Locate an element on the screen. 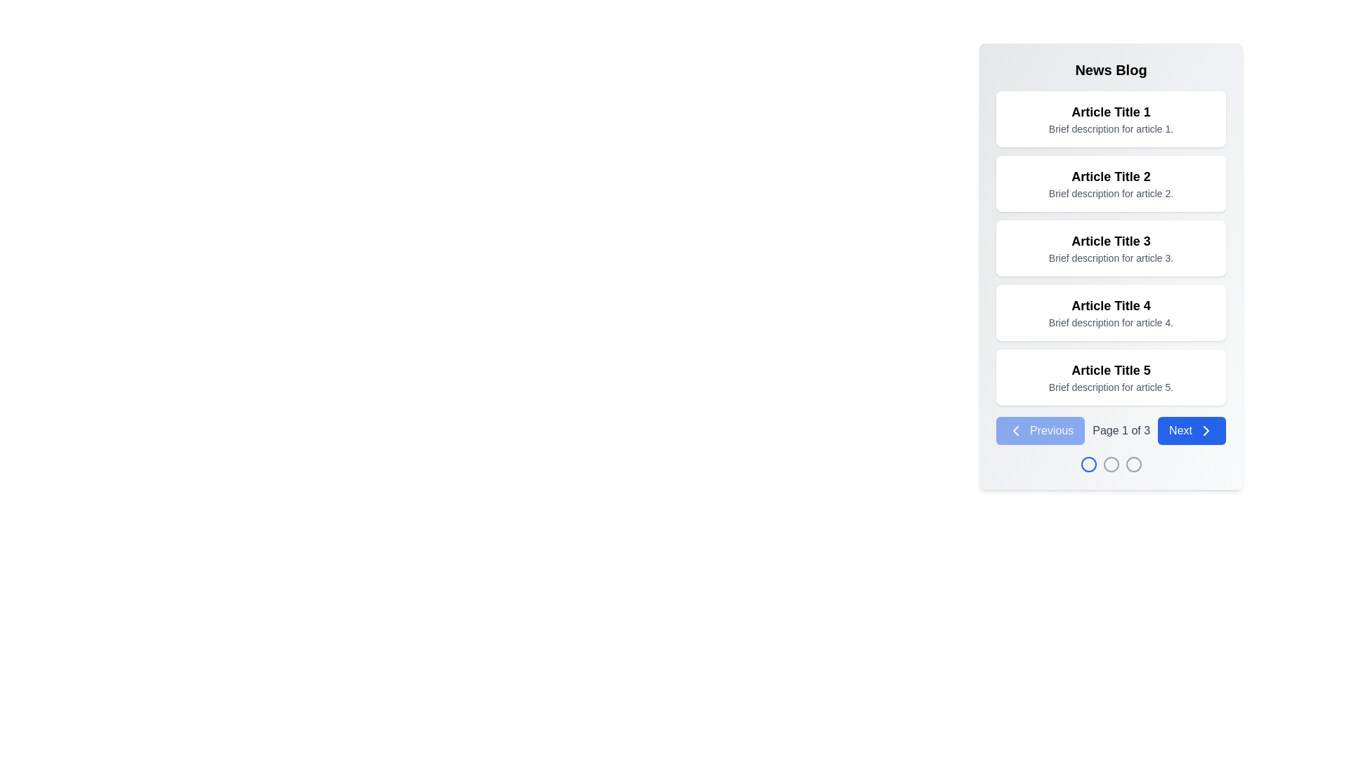 The height and width of the screenshot is (758, 1349). the second line of text providing additional details about 'Article Title 2', which is located in the card for that article is located at coordinates (1110, 194).